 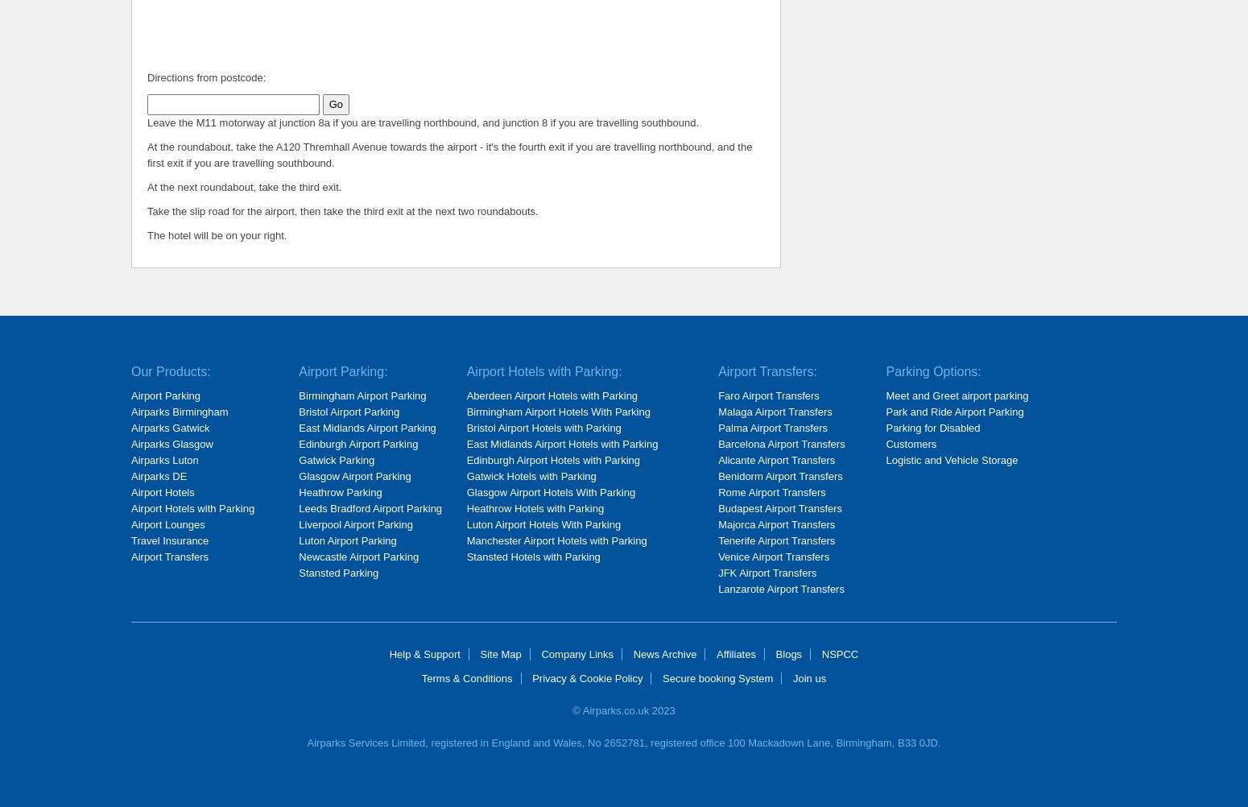 What do you see at coordinates (167, 524) in the screenshot?
I see `'Airport Lounges'` at bounding box center [167, 524].